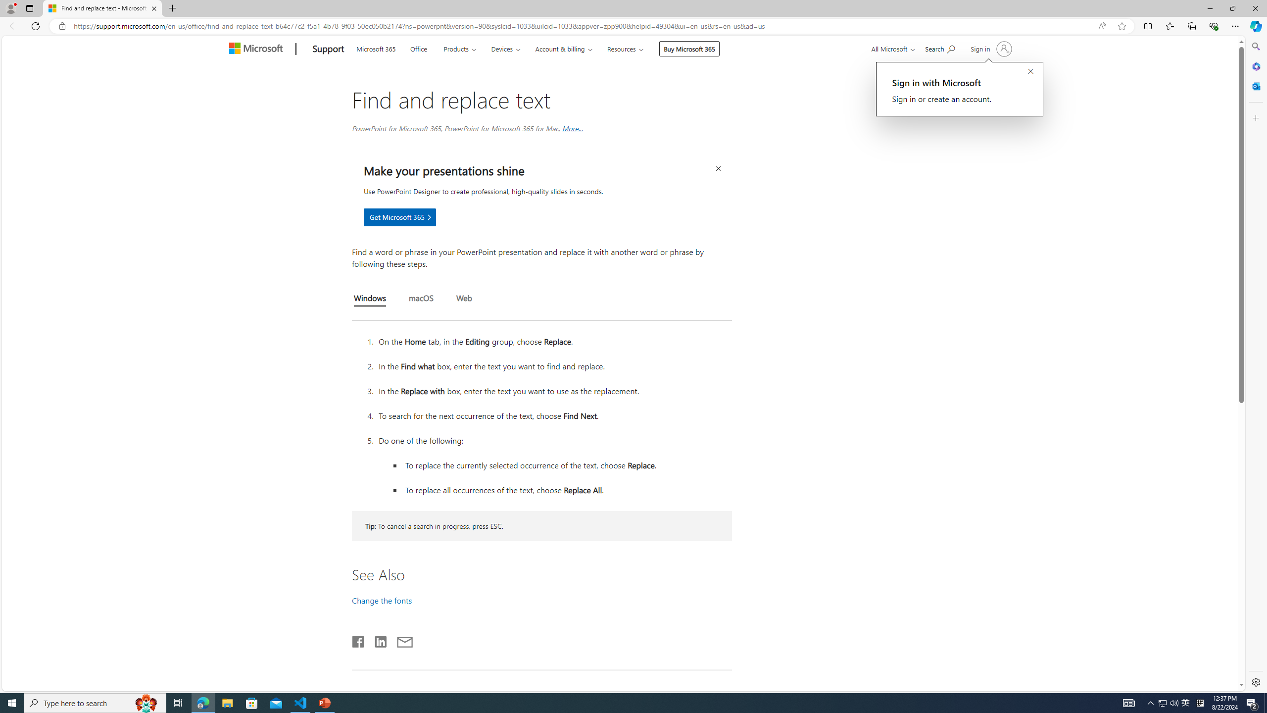 The image size is (1267, 713). What do you see at coordinates (1256, 364) in the screenshot?
I see `'Side bar'` at bounding box center [1256, 364].